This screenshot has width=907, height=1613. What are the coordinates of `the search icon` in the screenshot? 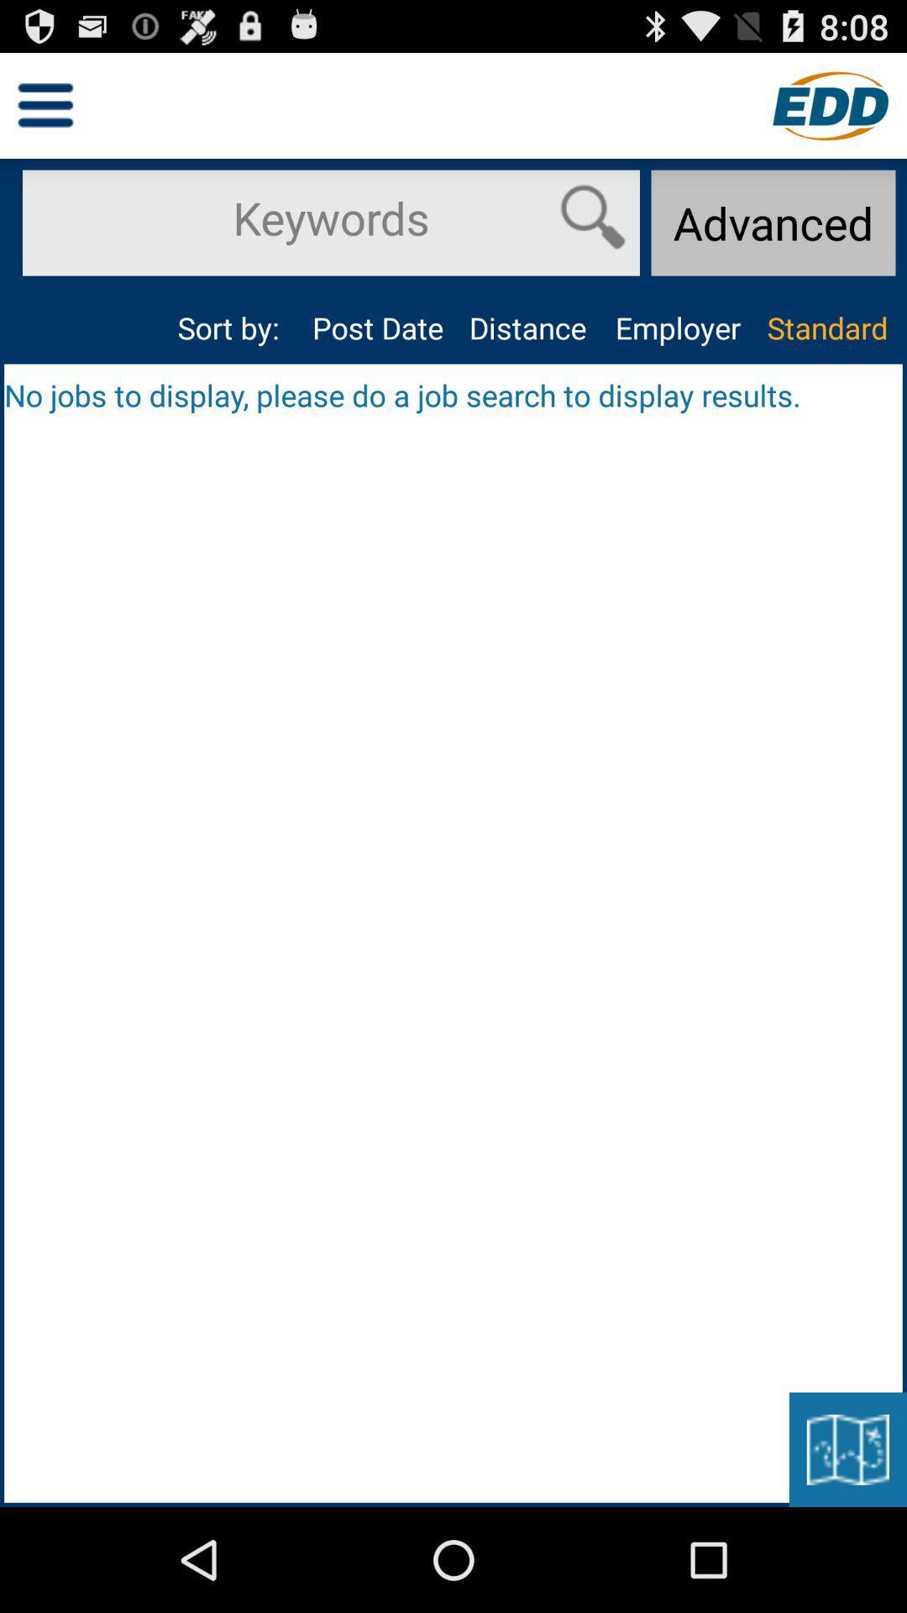 It's located at (592, 231).